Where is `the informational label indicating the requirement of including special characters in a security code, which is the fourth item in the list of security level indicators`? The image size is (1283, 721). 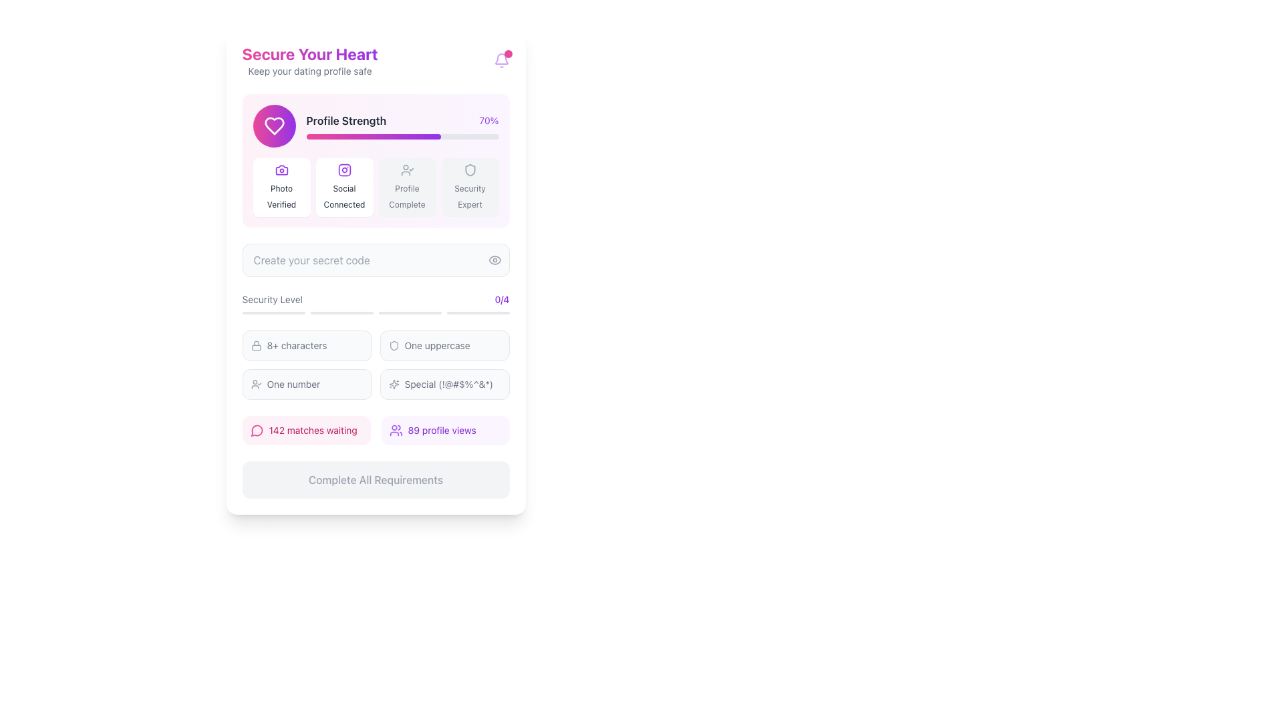
the informational label indicating the requirement of including special characters in a security code, which is the fourth item in the list of security level indicators is located at coordinates (444, 384).